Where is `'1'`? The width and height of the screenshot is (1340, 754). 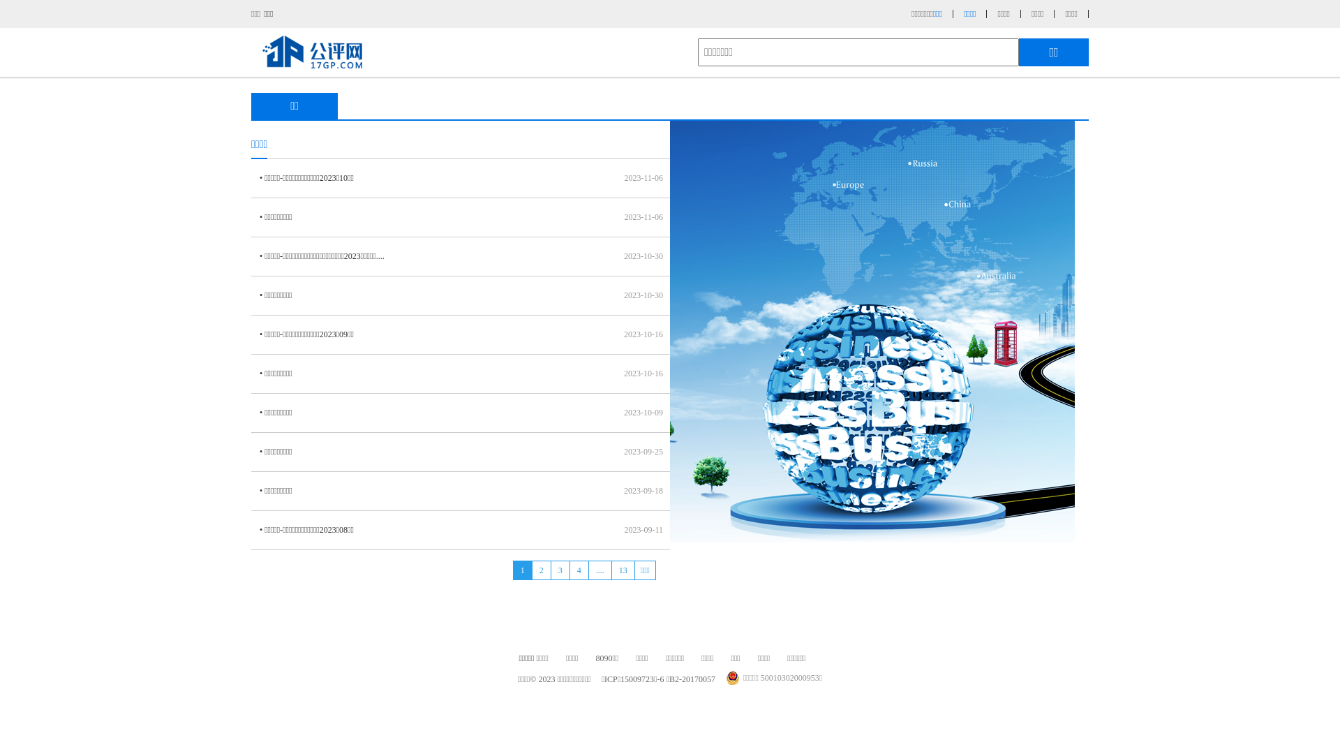
'1' is located at coordinates (521, 570).